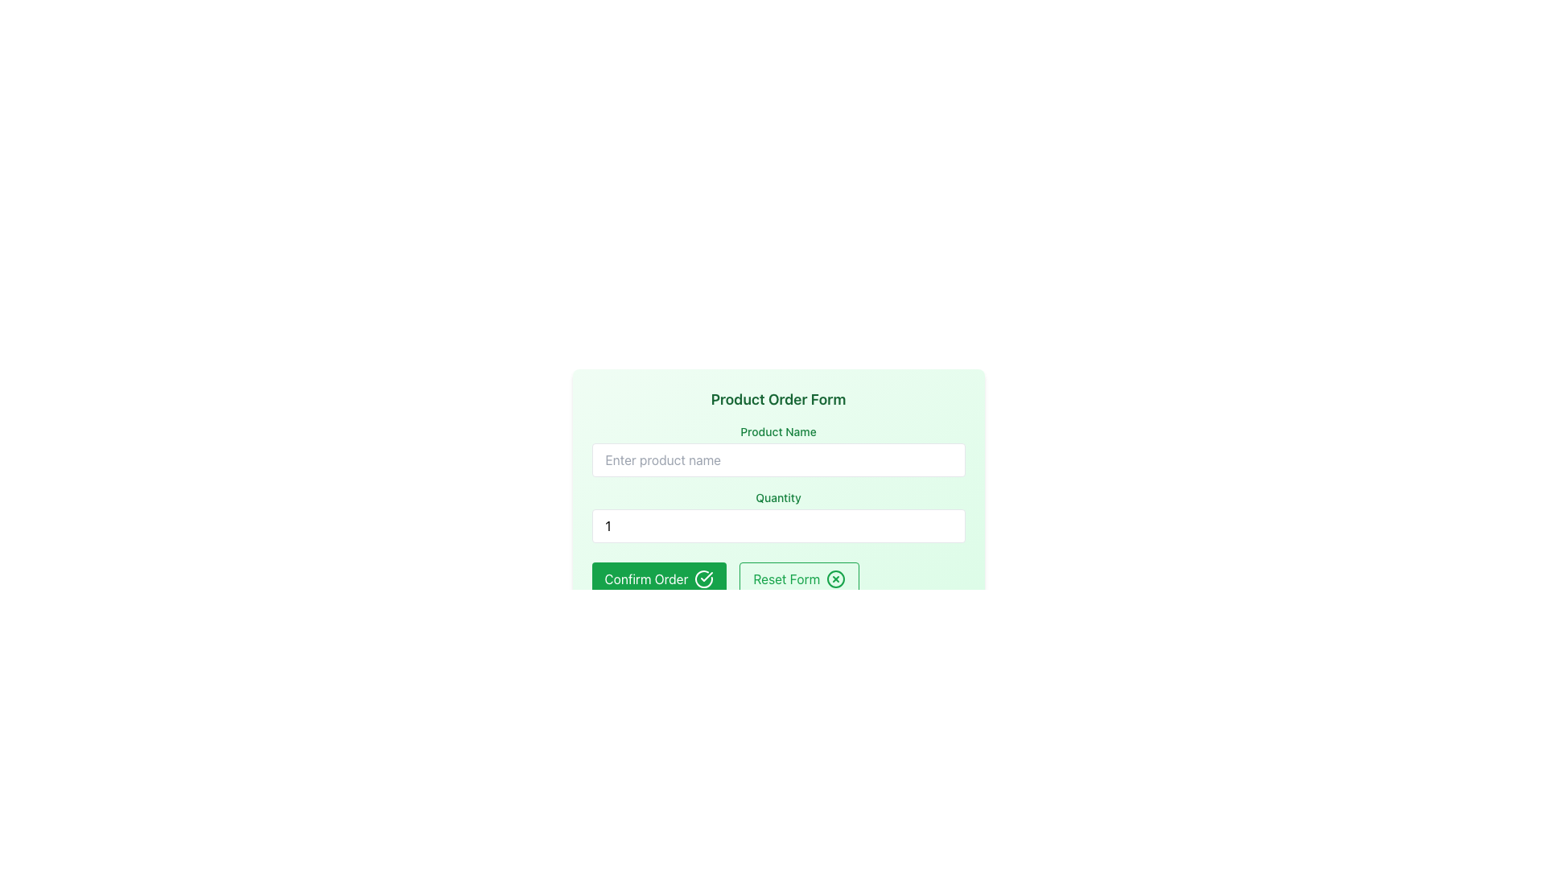 This screenshot has width=1545, height=869. Describe the element at coordinates (778, 516) in the screenshot. I see `the number input field below the 'Product Name' field to focus it` at that location.